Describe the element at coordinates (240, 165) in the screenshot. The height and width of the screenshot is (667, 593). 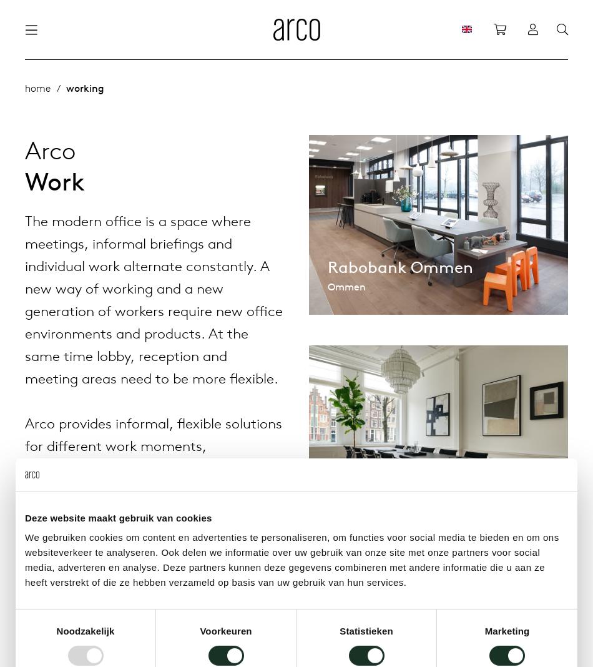
I see `'Wood certifications'` at that location.